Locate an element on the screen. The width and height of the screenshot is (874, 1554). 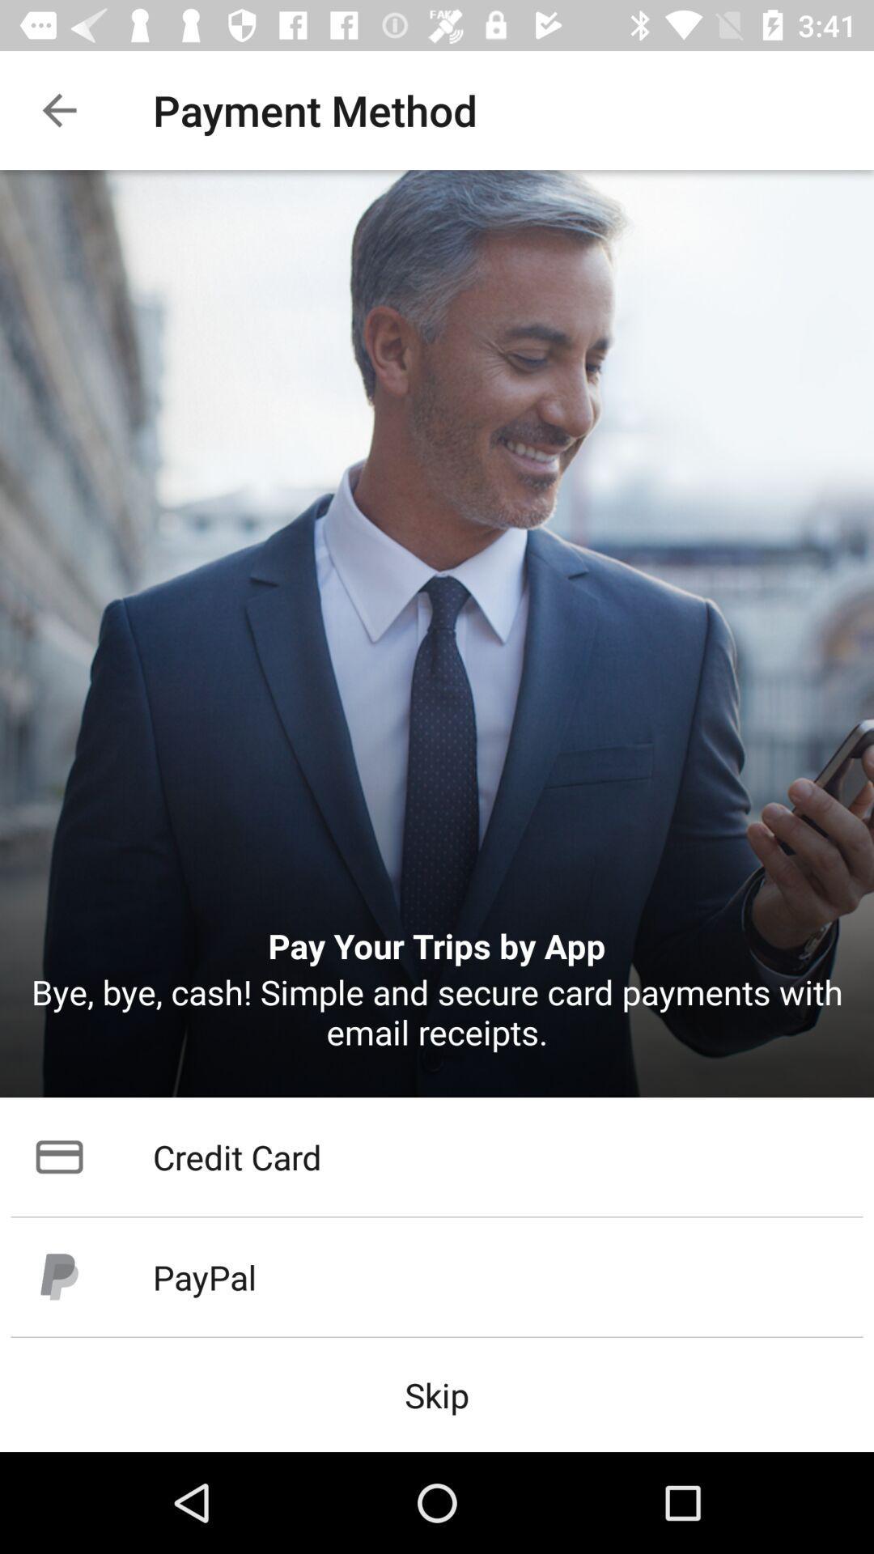
the item below the paypal icon is located at coordinates (437, 1394).